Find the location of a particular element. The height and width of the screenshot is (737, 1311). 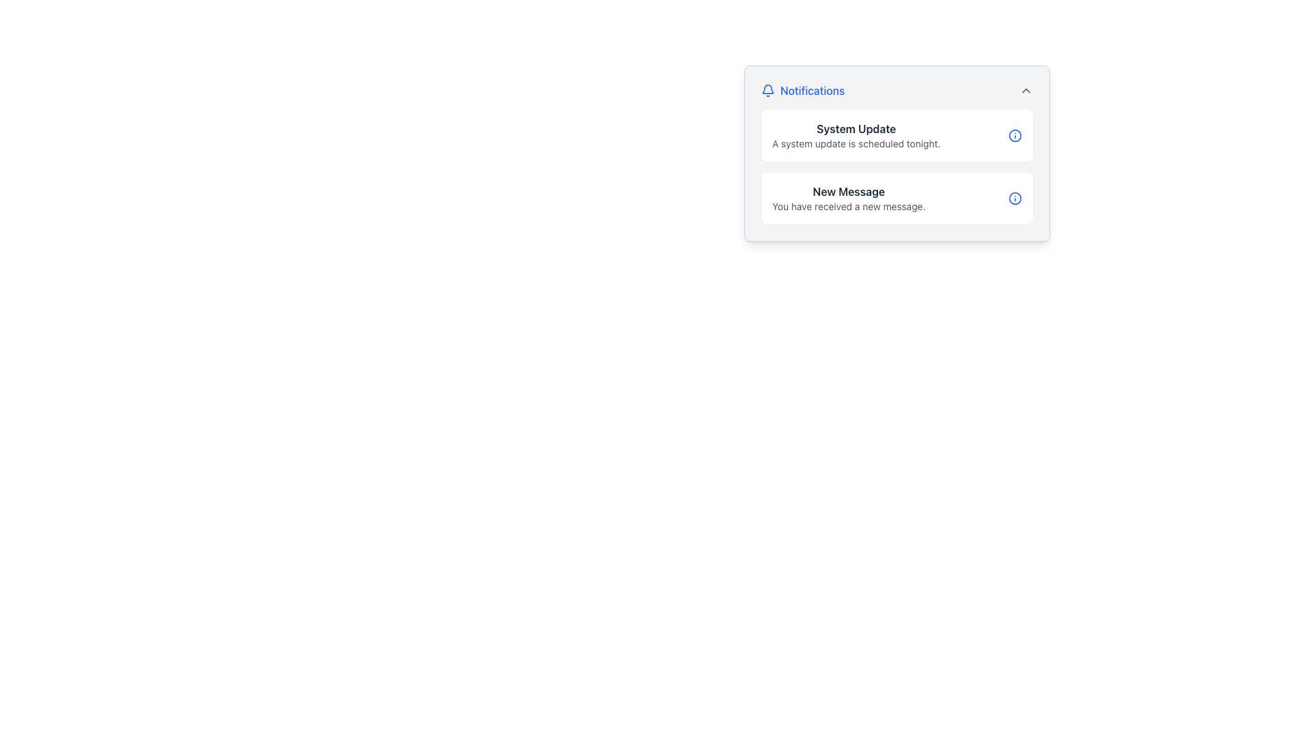

the bell icon representing notifications, which is located in the upper left corner of the notification panel, immediately next to the 'Notifications' text is located at coordinates (767, 90).